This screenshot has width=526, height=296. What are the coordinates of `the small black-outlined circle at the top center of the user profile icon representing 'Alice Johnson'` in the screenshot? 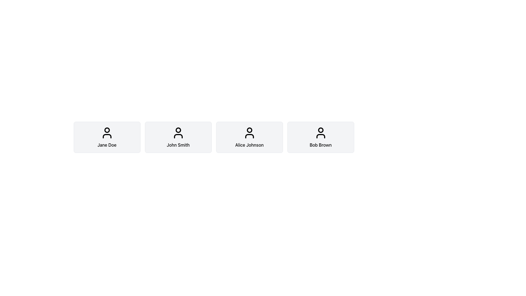 It's located at (249, 130).